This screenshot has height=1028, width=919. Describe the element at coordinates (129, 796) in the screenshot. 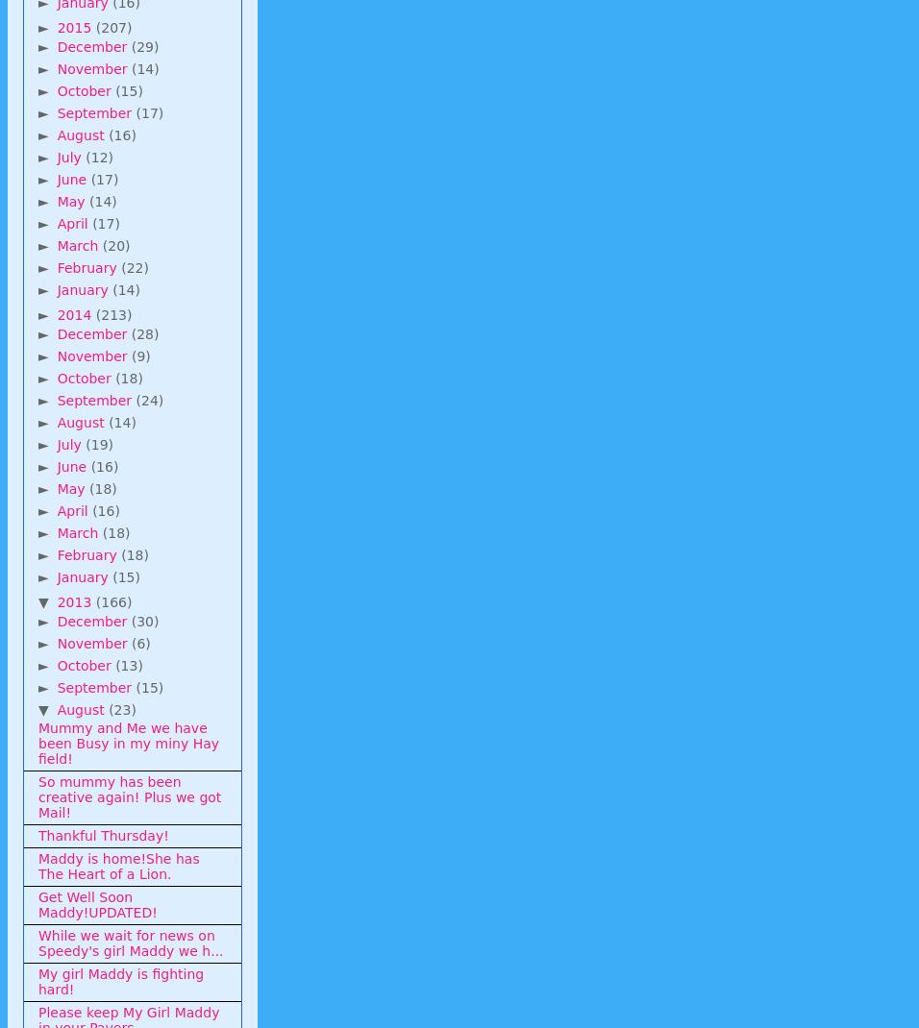

I see `'So mummy has been creative again! Plus we got Mail!'` at that location.